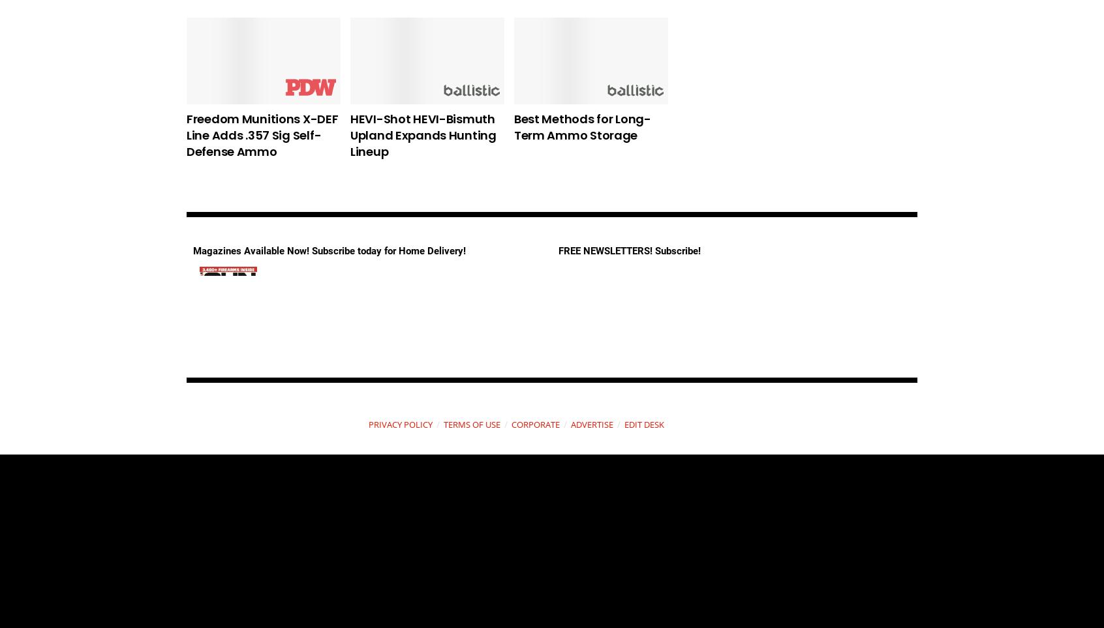 This screenshot has height=628, width=1104. Describe the element at coordinates (590, 423) in the screenshot. I see `'ADVERTISE'` at that location.